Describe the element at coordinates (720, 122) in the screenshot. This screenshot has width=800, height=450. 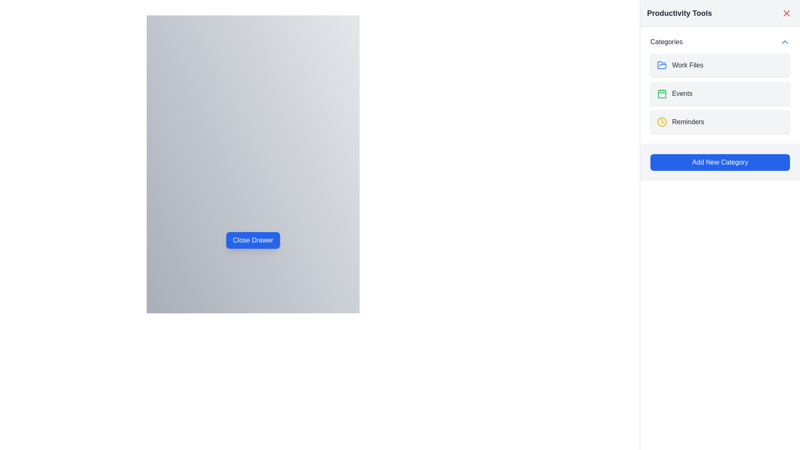
I see `the 'Reminders' button` at that location.